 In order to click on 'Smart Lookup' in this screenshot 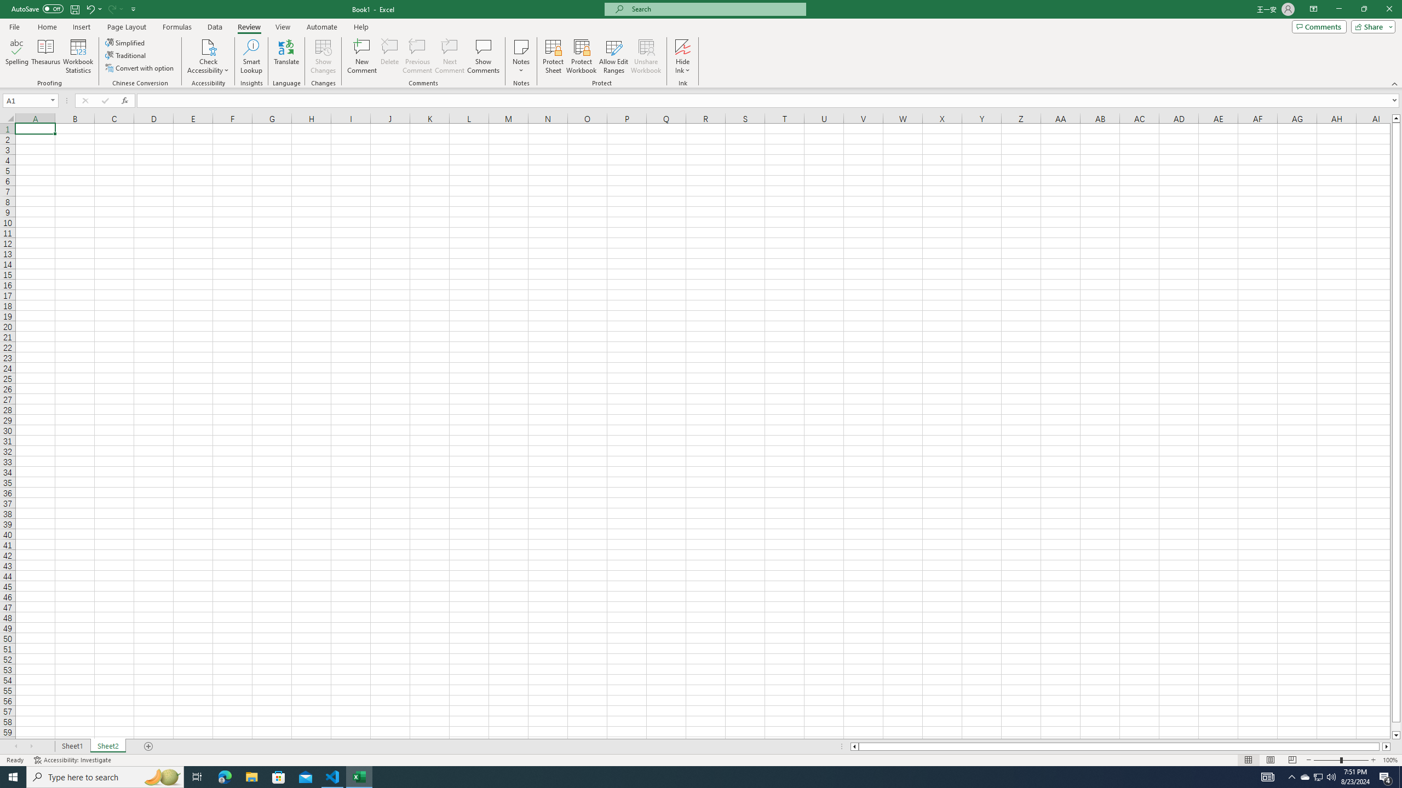, I will do `click(251, 56)`.